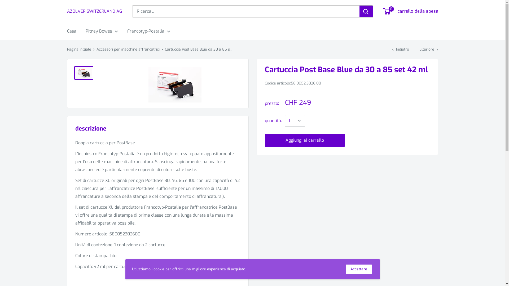  I want to click on 'ulteriore', so click(429, 49).